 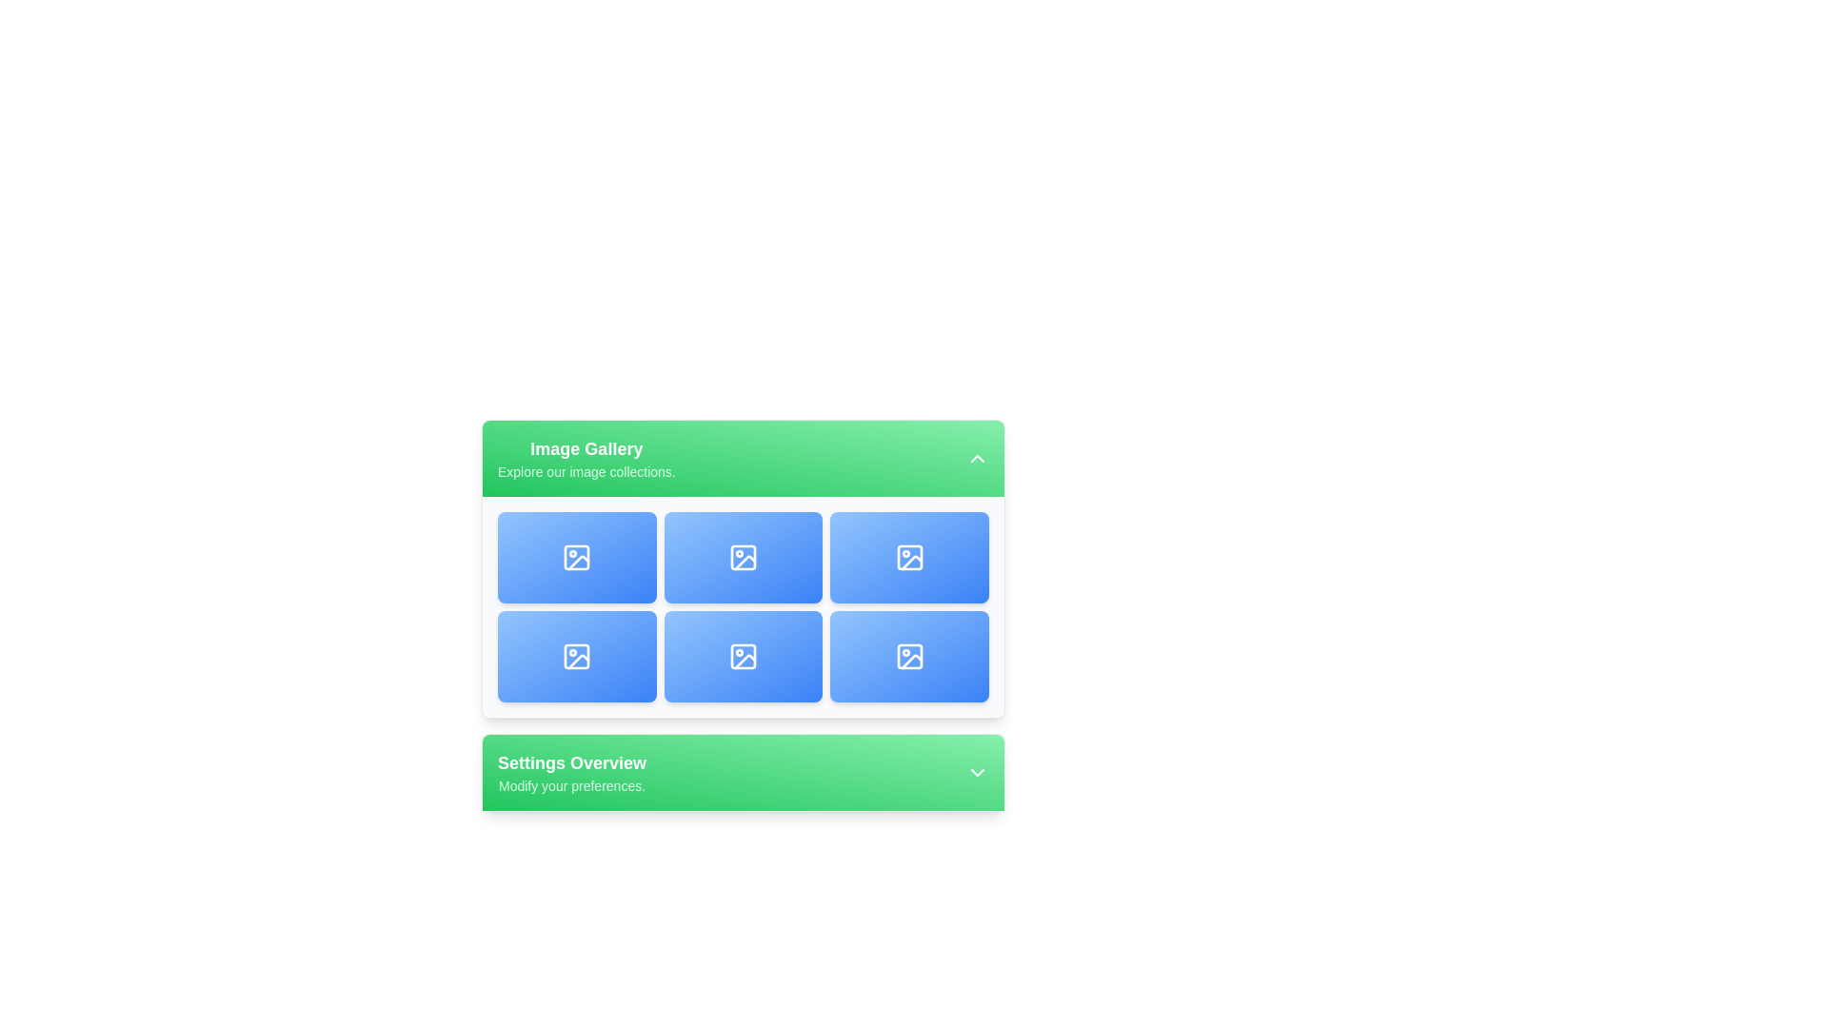 What do you see at coordinates (978, 459) in the screenshot?
I see `the state of the toggle button icon located at the top right corner of the 'Image Gallery' section header` at bounding box center [978, 459].